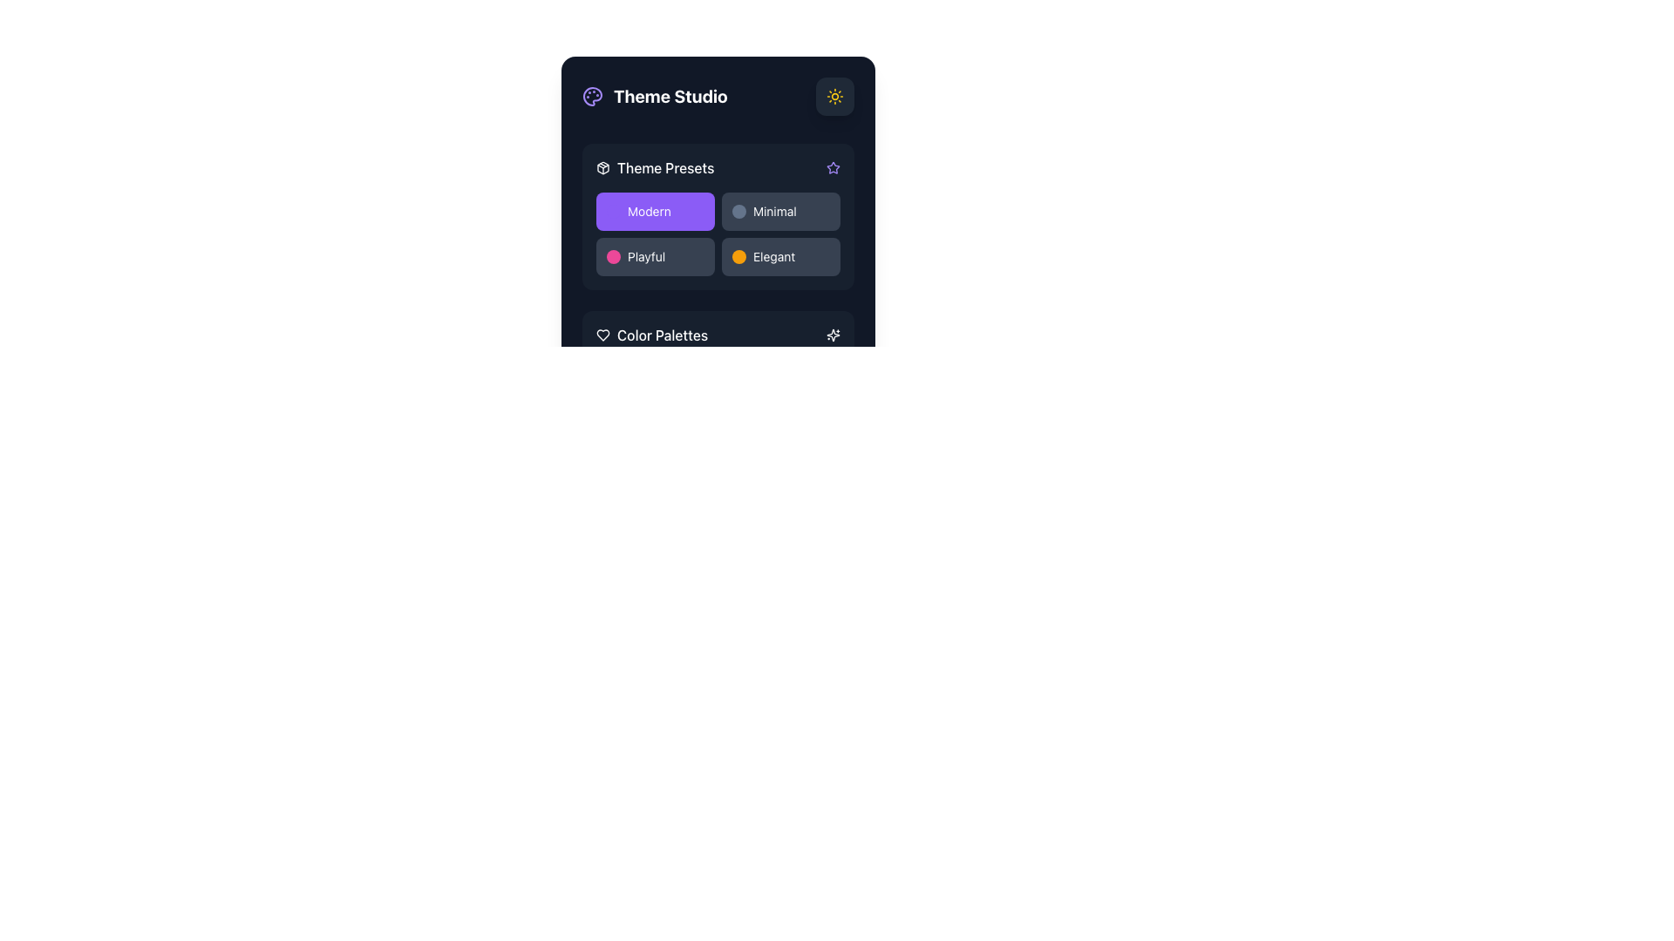  I want to click on the 'Elegant' theme button located in the bottom-right quadrant of the grid within the 'Theme Presets' section, so click(780, 256).